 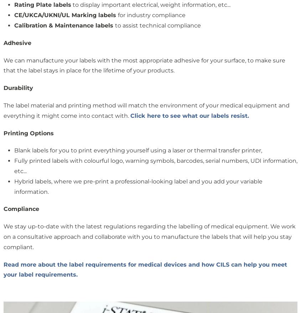 What do you see at coordinates (14, 186) in the screenshot?
I see `'Hybrid labels, where we pre-print a professional-looking label and you add your variable information.'` at bounding box center [14, 186].